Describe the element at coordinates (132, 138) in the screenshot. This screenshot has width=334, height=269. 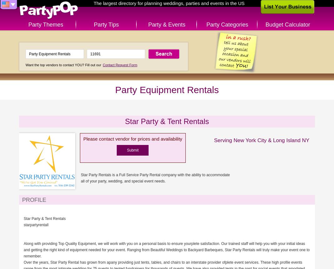
I see `'Please contact vendor for prices and availability'` at that location.